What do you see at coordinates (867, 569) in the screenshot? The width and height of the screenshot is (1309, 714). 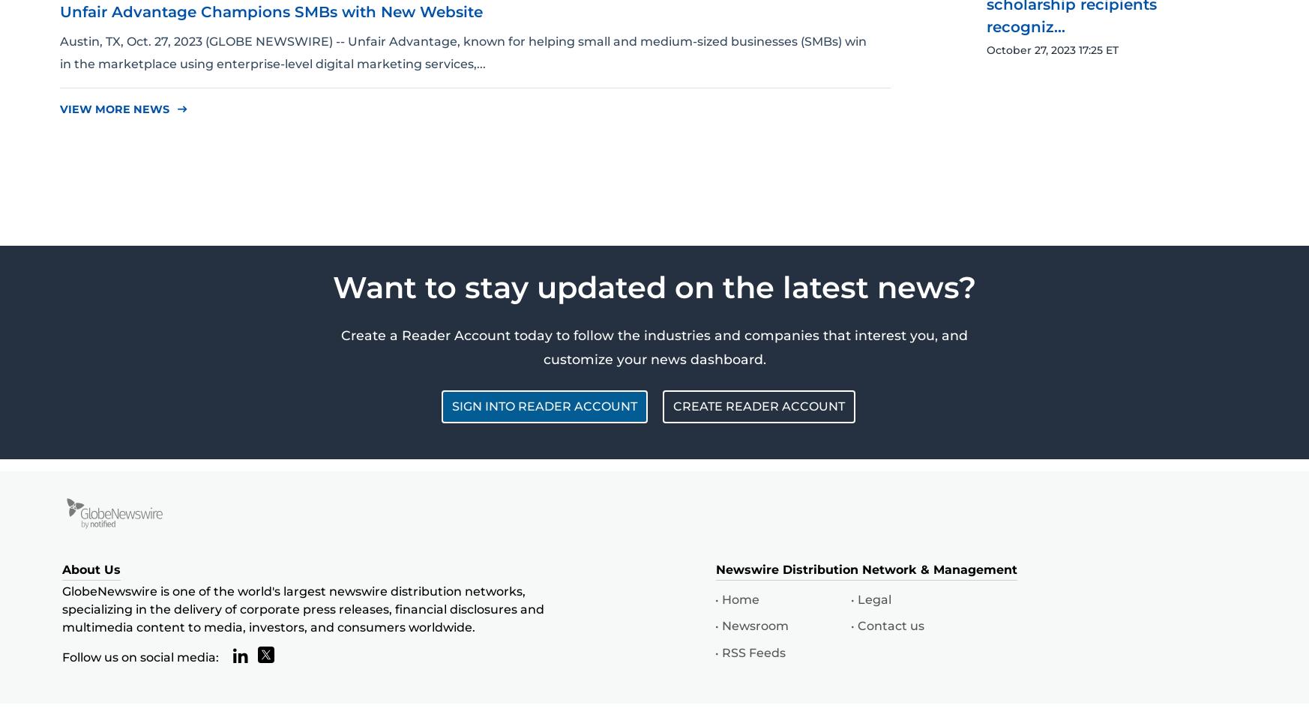 I see `'Newswire Distribution Network & Management'` at bounding box center [867, 569].